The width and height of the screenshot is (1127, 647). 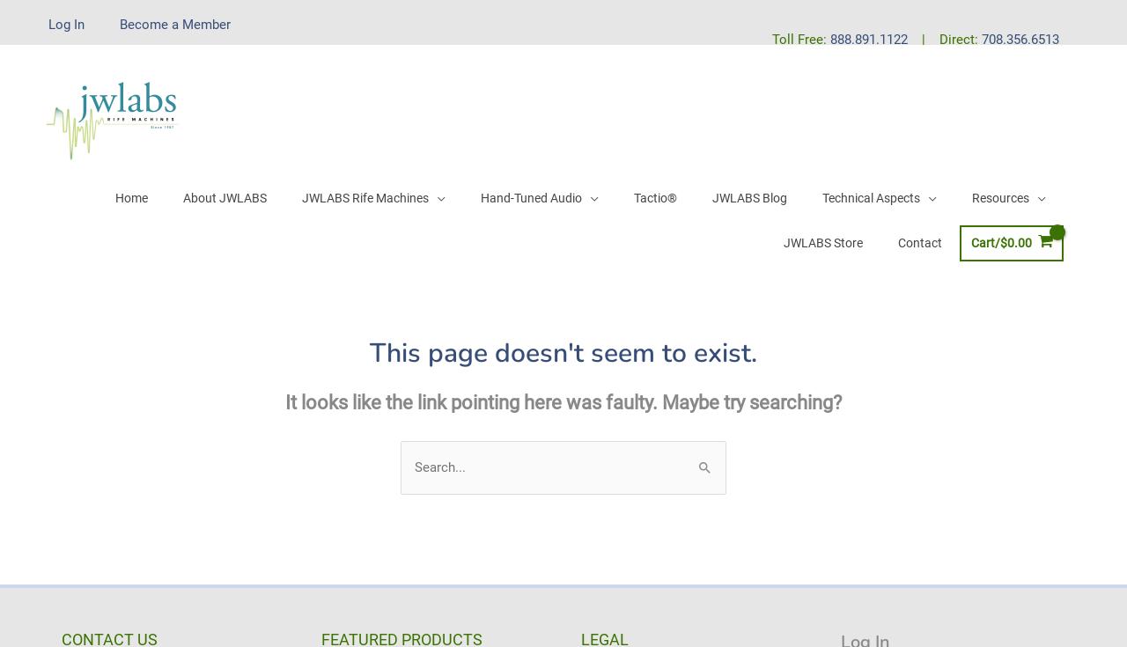 What do you see at coordinates (223, 196) in the screenshot?
I see `'About JWLABS'` at bounding box center [223, 196].